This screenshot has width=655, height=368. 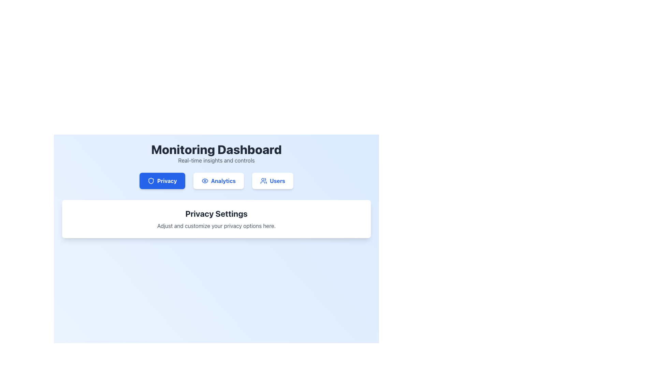 I want to click on the 'Users' button icon, which represents users or a group of people, located in the middle-top section of the layout below the 'Monitoring Dashboard' header, so click(x=263, y=181).